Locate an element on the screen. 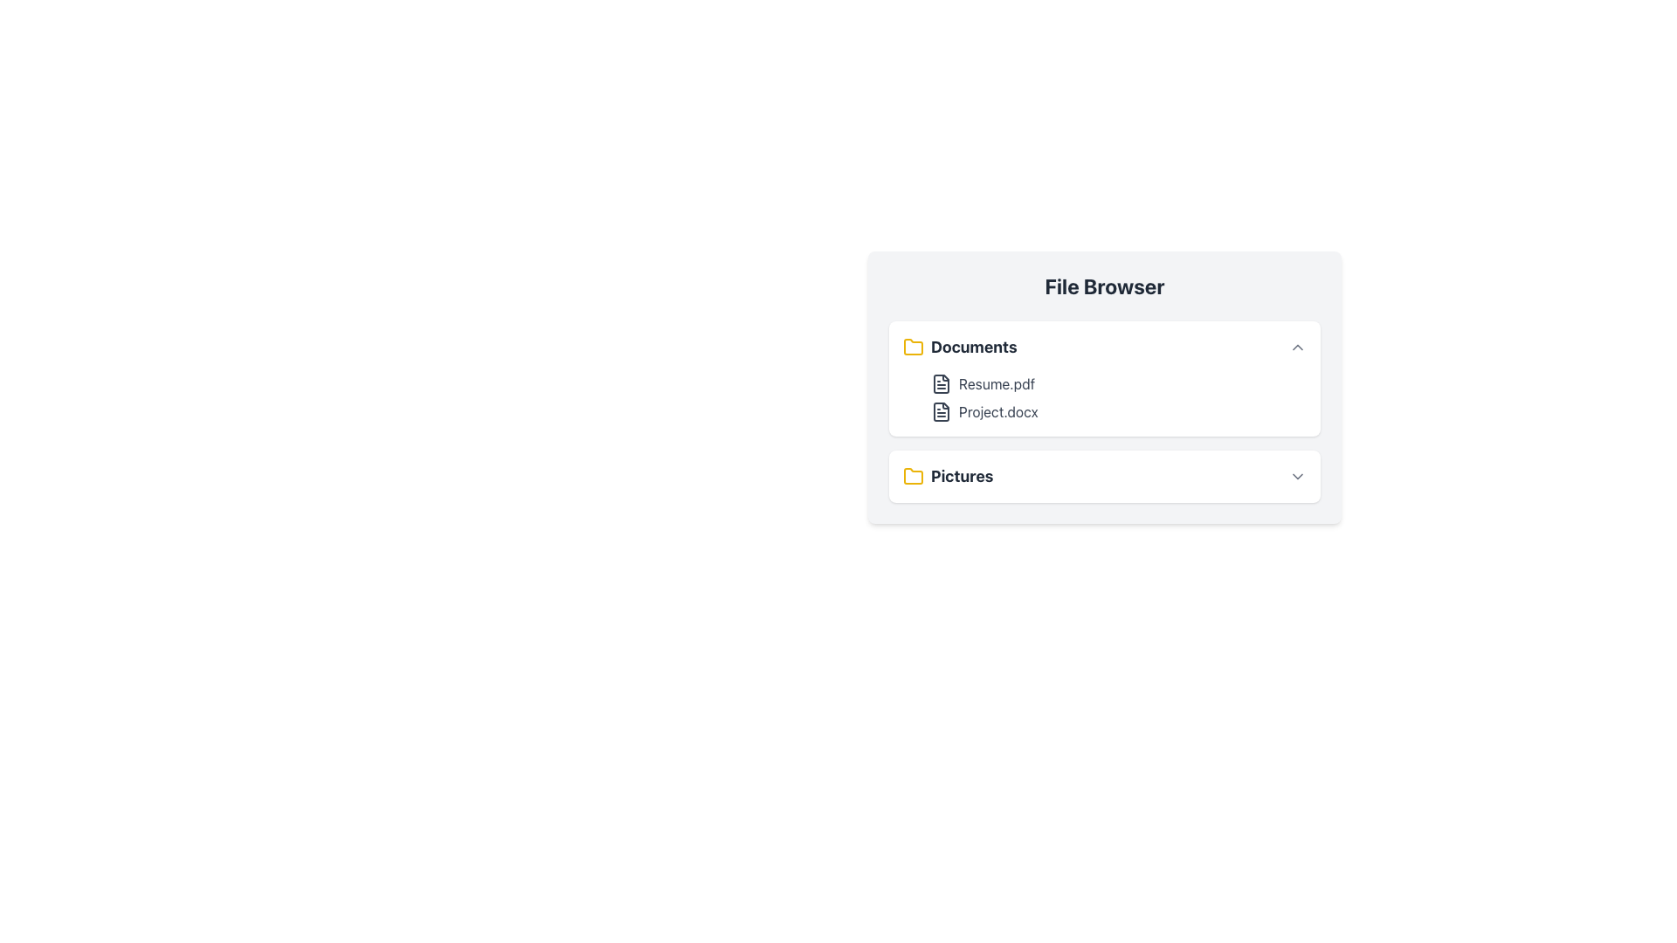  the 'Documents' text label located at the top-left corner of the file browser panel is located at coordinates (959, 347).